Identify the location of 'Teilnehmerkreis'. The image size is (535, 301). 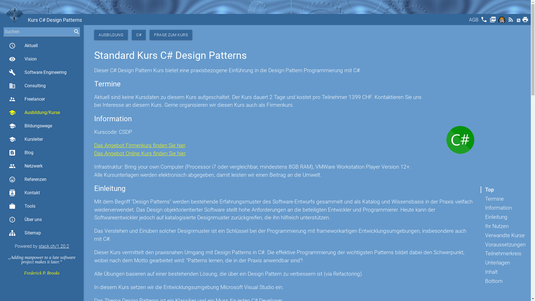
(501, 254).